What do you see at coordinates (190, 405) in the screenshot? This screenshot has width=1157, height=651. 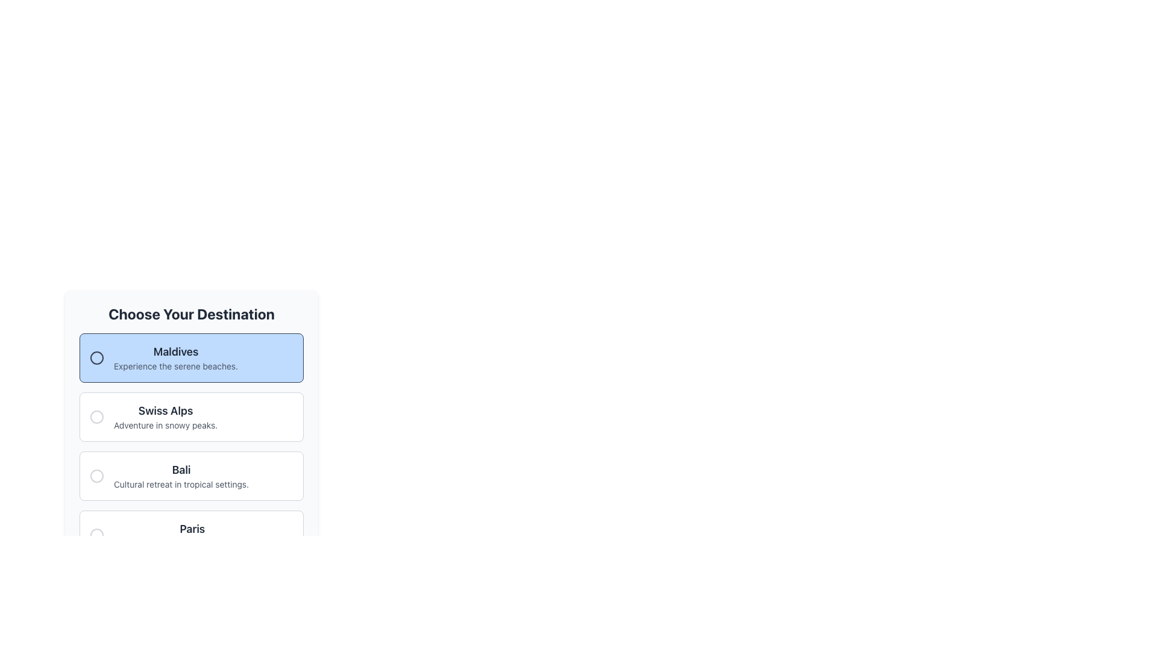 I see `the 'Swiss Alps' selectable card` at bounding box center [190, 405].